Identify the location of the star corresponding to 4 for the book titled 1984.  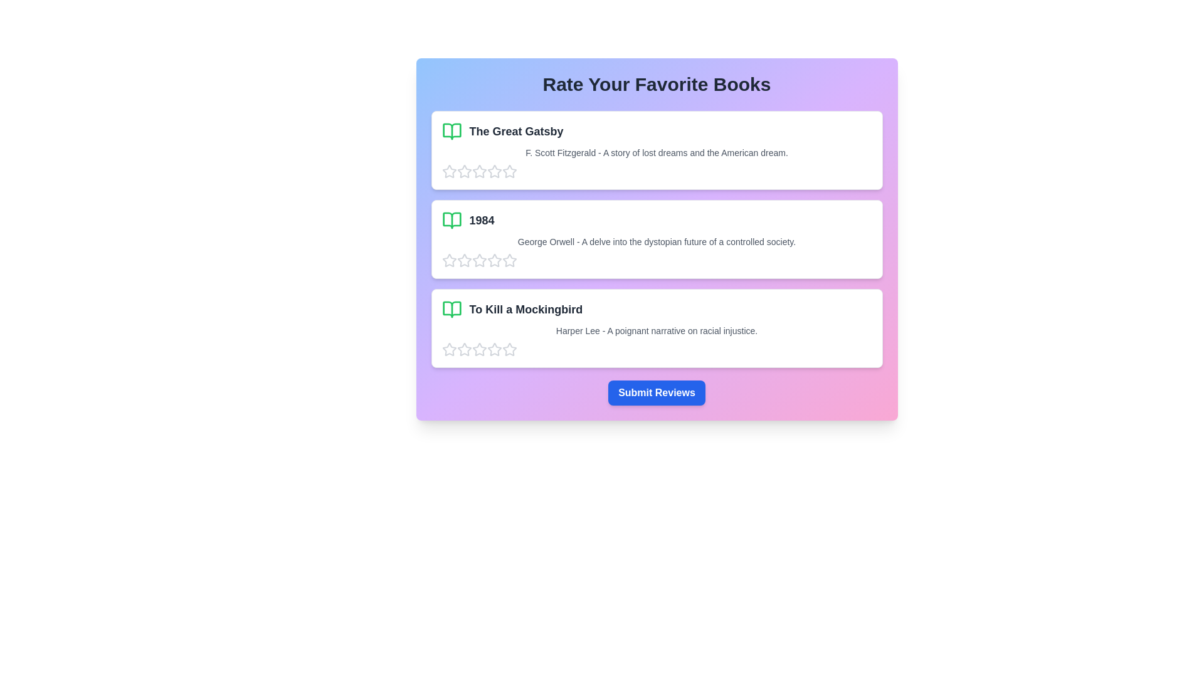
(494, 260).